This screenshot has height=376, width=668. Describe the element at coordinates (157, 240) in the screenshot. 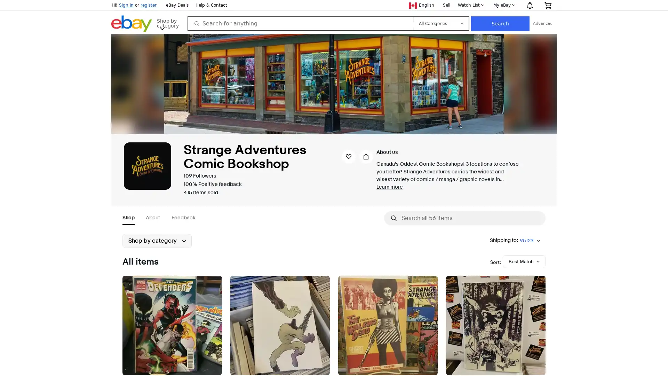

I see `Shop by category` at that location.